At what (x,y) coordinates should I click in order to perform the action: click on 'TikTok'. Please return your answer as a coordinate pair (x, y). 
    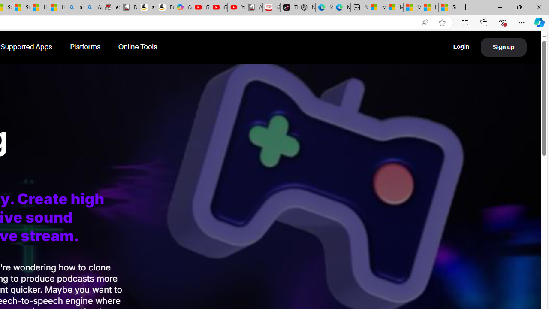
    Looking at the image, I should click on (289, 7).